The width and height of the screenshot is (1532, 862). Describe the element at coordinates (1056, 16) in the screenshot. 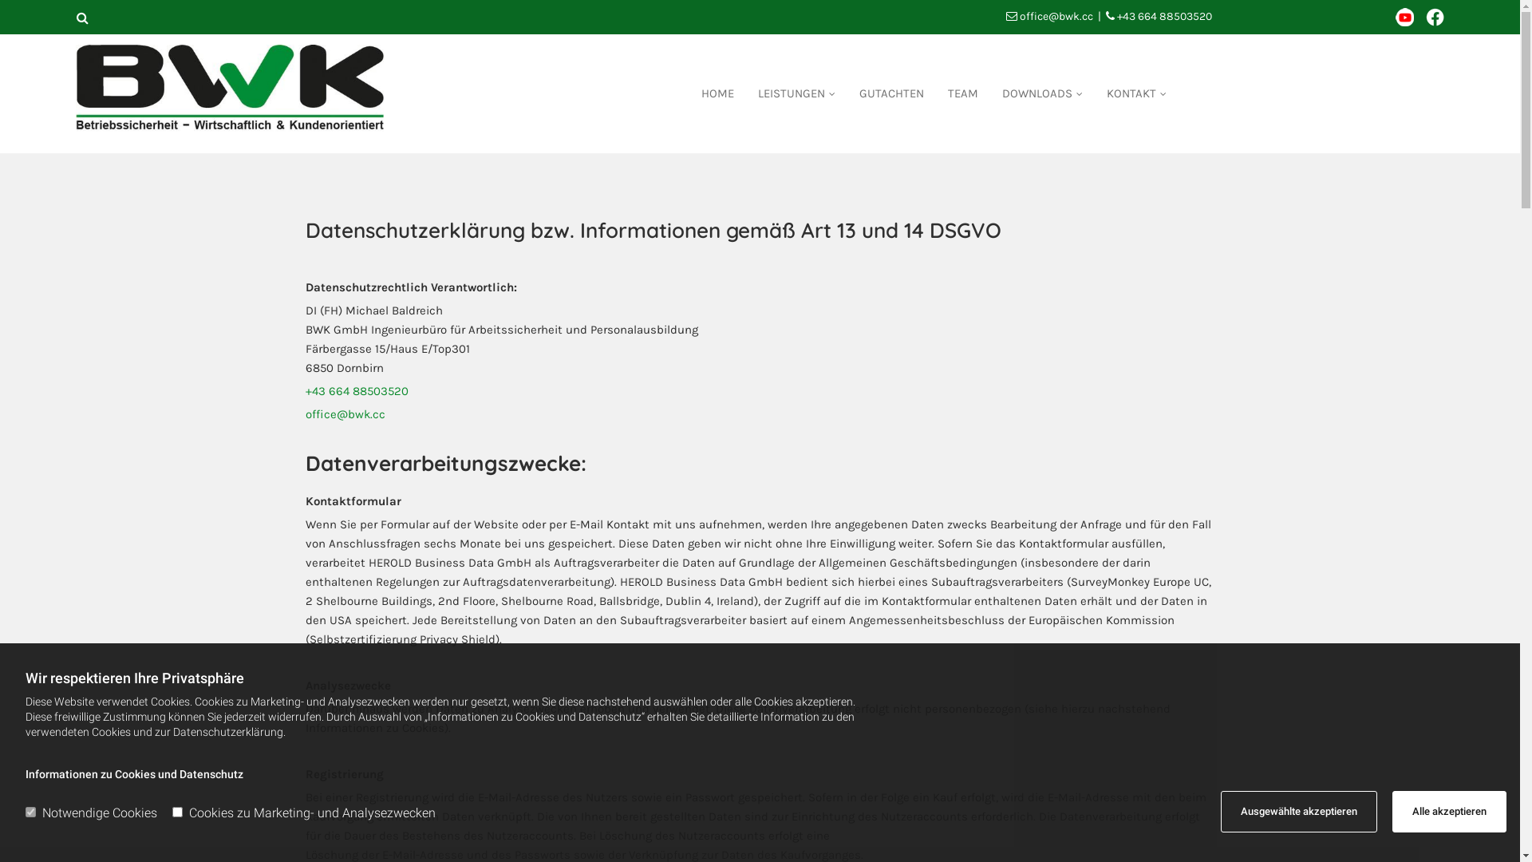

I see `'office@bwk.cc'` at that location.